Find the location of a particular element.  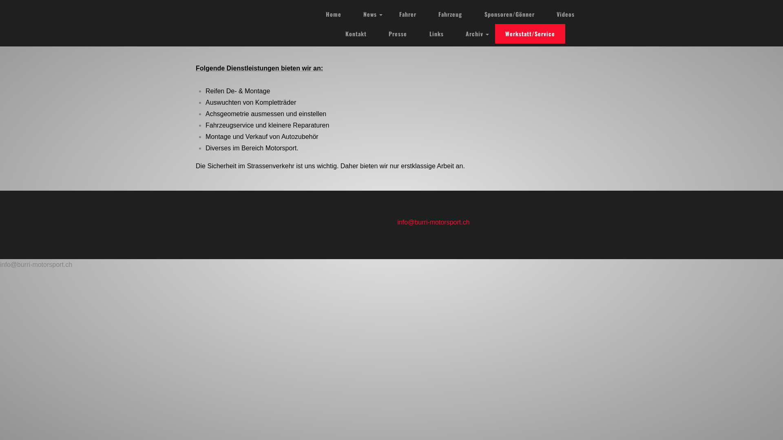

'Links' is located at coordinates (436, 33).